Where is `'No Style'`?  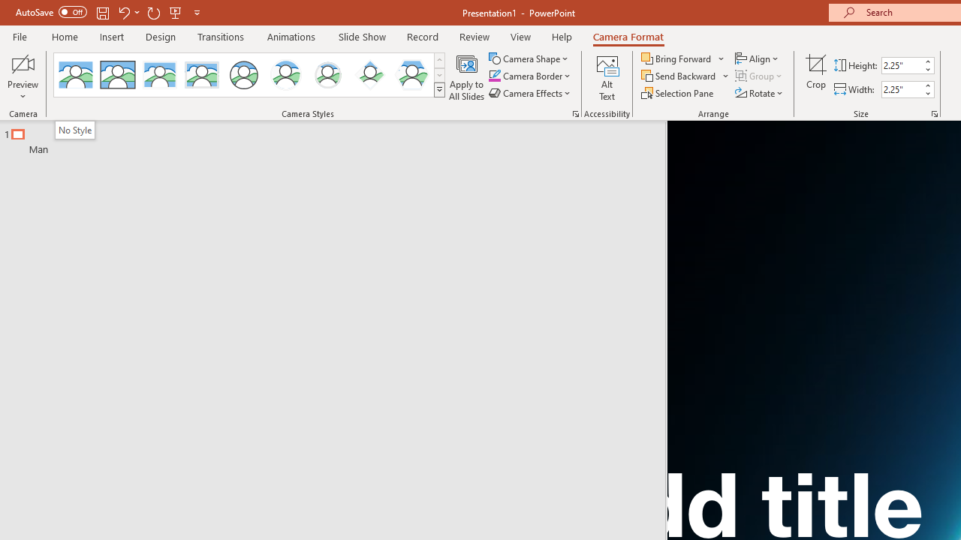
'No Style' is located at coordinates (74, 129).